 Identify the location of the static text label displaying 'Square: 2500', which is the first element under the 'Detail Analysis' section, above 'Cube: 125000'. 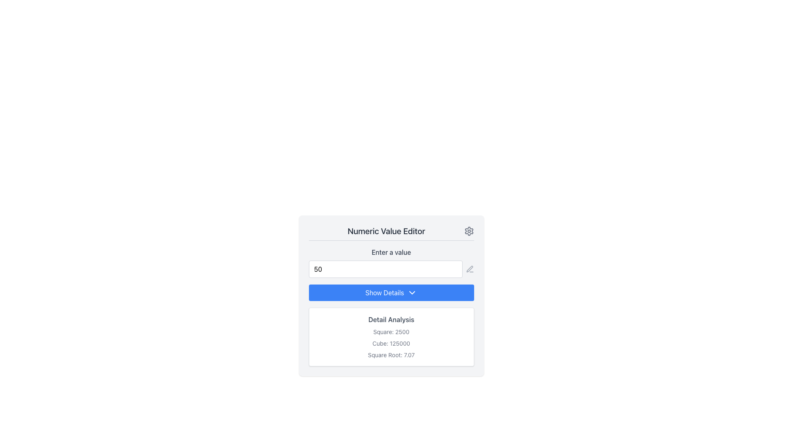
(391, 331).